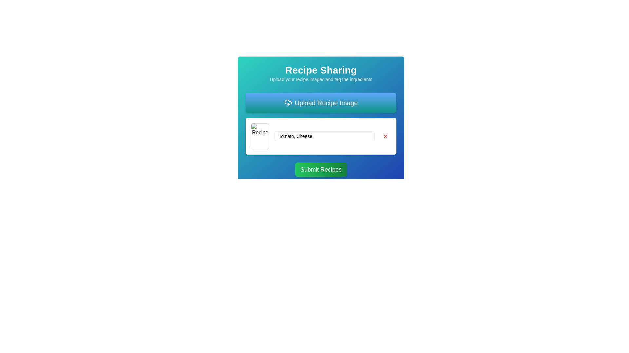 This screenshot has height=353, width=629. I want to click on the cloud icon with an upward arrow inside, located to the left of the 'Upload Recipe Image' text, so click(288, 103).